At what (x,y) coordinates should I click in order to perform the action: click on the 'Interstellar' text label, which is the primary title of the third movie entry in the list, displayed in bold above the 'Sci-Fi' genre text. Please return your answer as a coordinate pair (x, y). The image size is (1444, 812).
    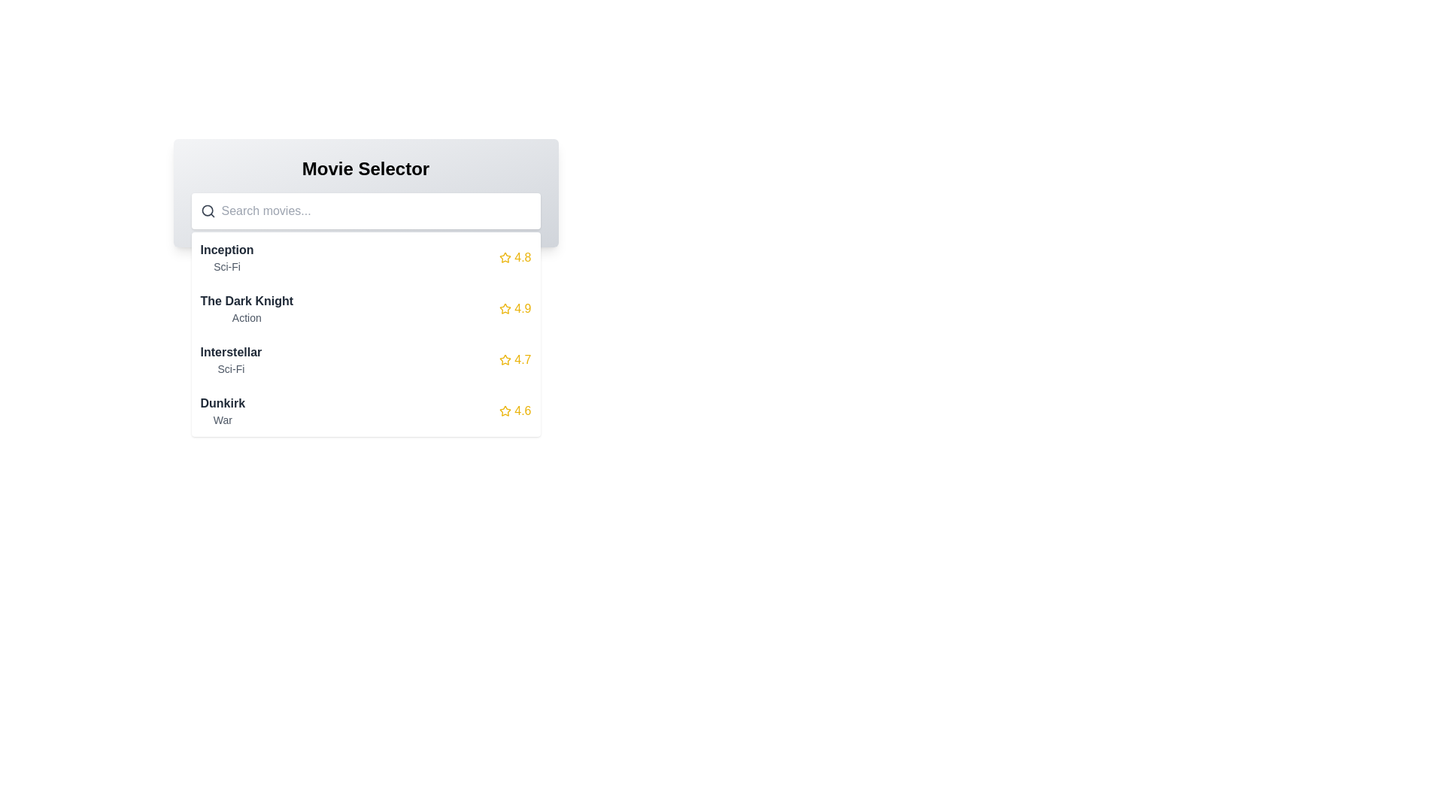
    Looking at the image, I should click on (230, 353).